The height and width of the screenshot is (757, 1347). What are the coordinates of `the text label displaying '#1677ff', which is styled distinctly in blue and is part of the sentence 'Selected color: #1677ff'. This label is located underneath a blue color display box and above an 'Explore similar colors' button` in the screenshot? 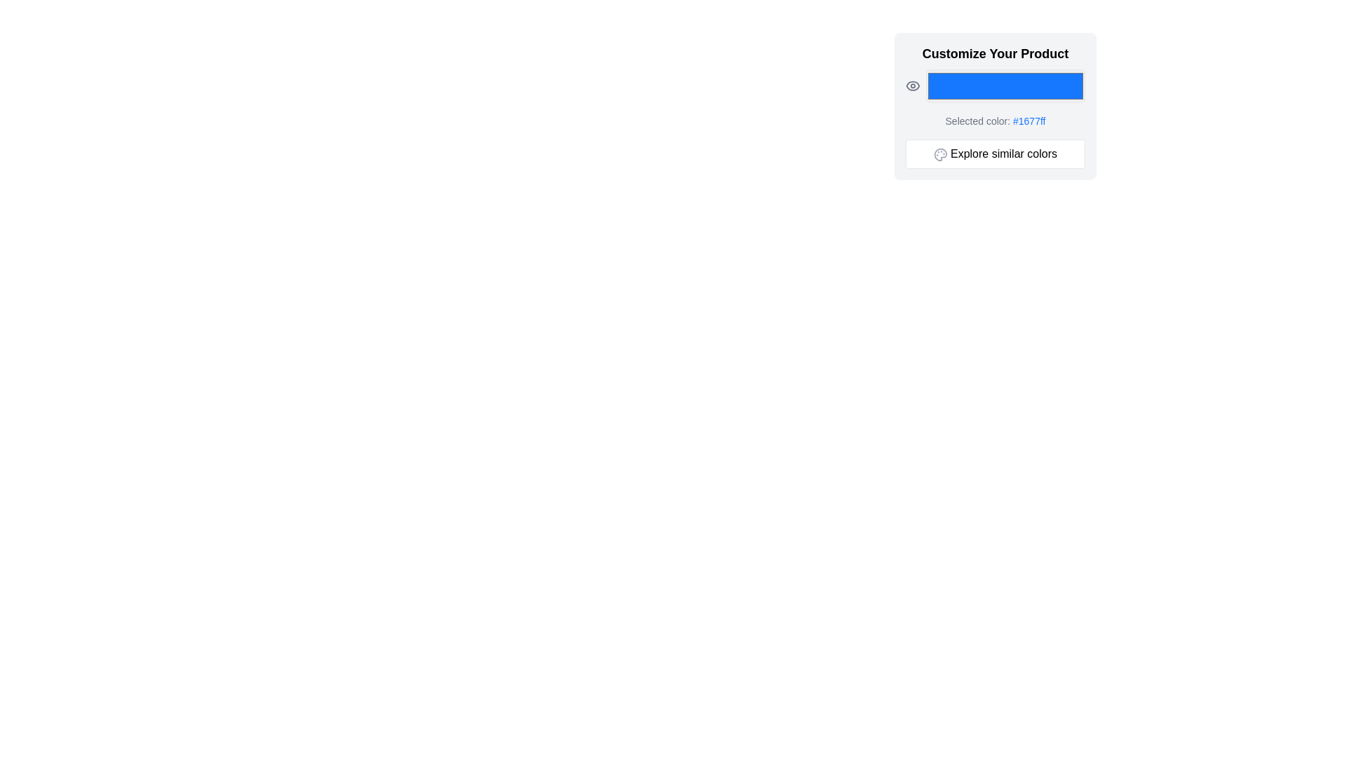 It's located at (1029, 121).